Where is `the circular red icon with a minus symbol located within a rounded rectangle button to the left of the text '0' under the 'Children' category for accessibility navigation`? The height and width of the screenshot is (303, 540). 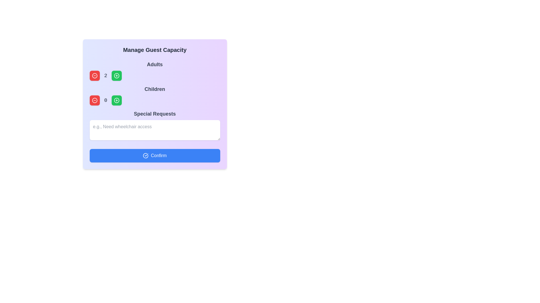 the circular red icon with a minus symbol located within a rounded rectangle button to the left of the text '0' under the 'Children' category for accessibility navigation is located at coordinates (94, 76).